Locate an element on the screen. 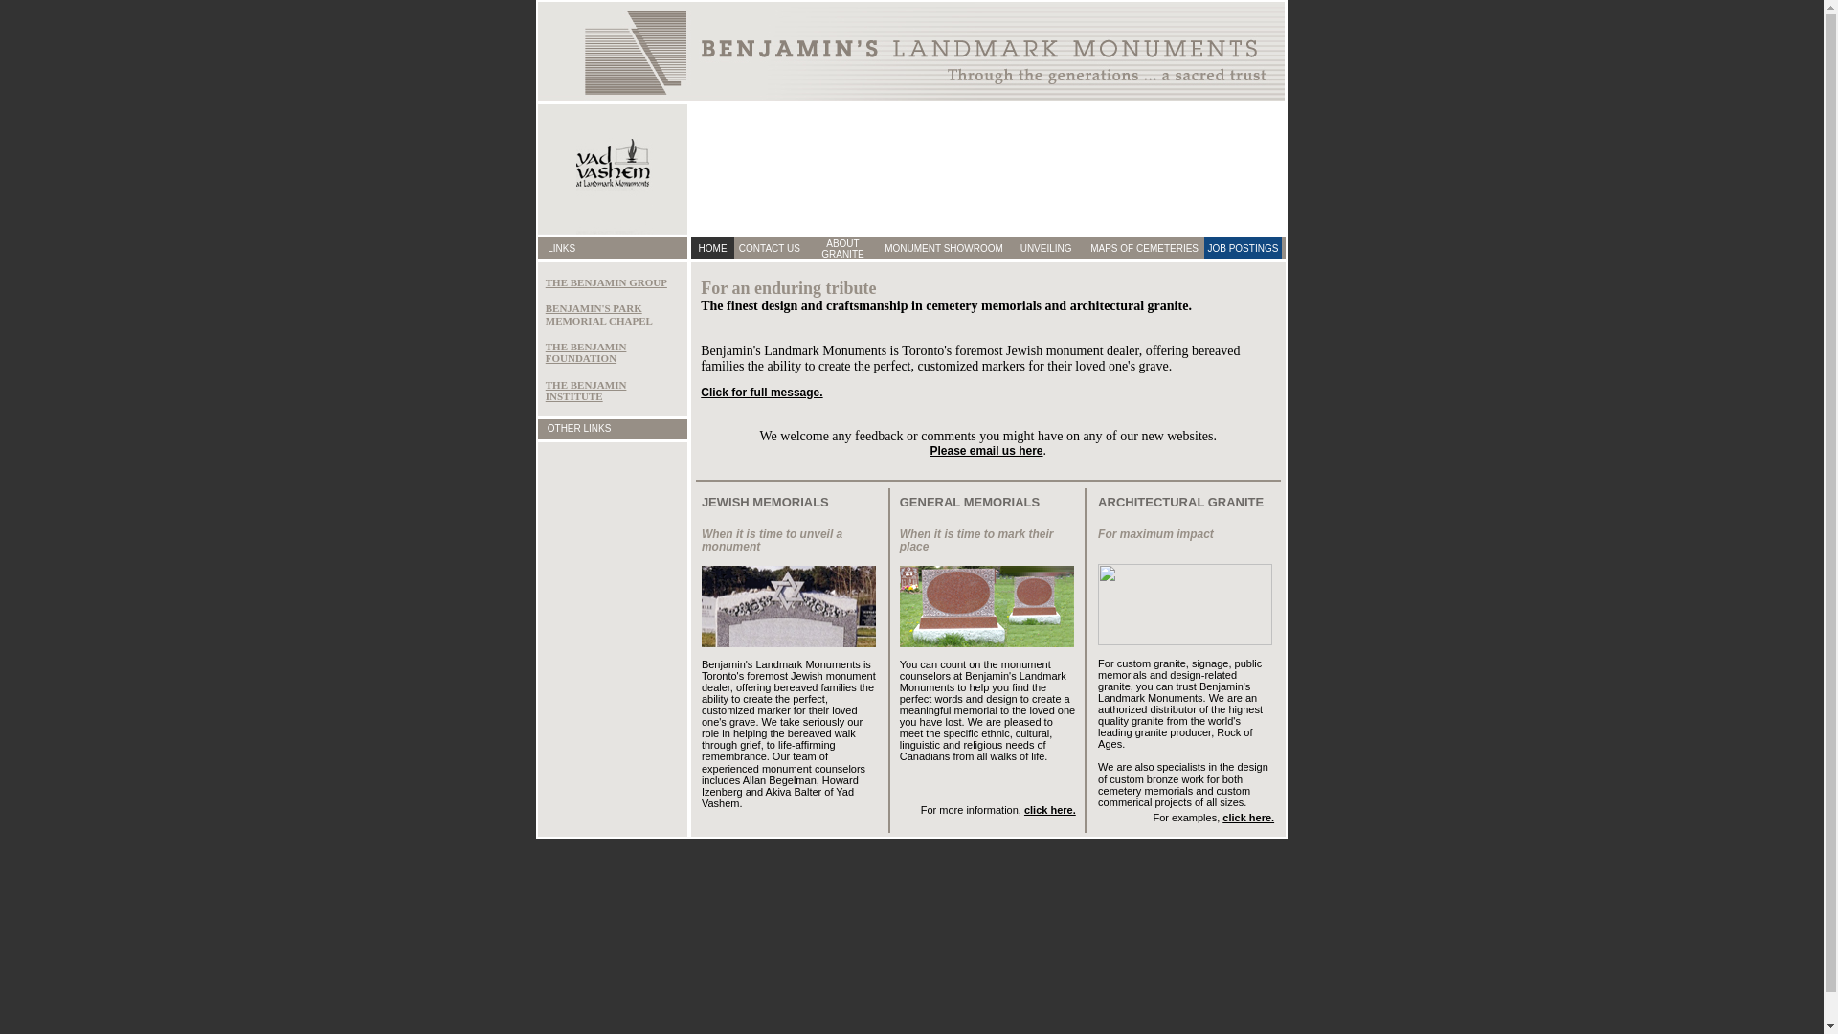  'click here.' is located at coordinates (1049, 809).